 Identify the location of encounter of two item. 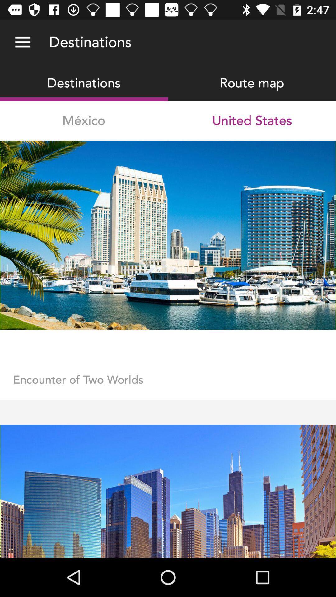
(168, 386).